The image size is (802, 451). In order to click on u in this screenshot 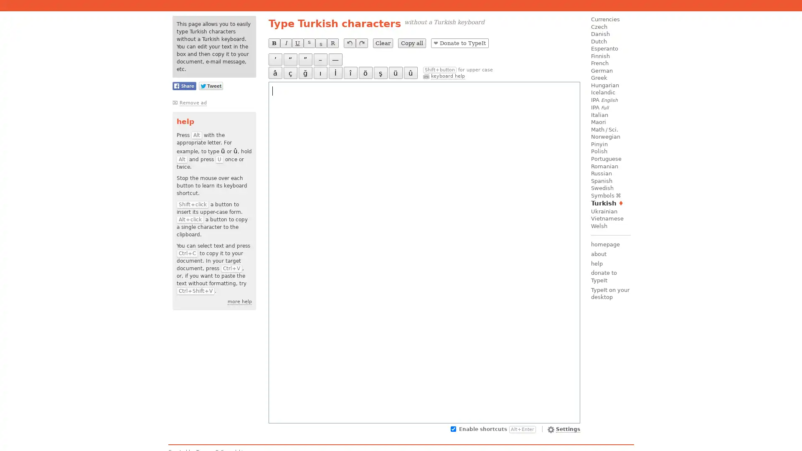, I will do `click(410, 72)`.